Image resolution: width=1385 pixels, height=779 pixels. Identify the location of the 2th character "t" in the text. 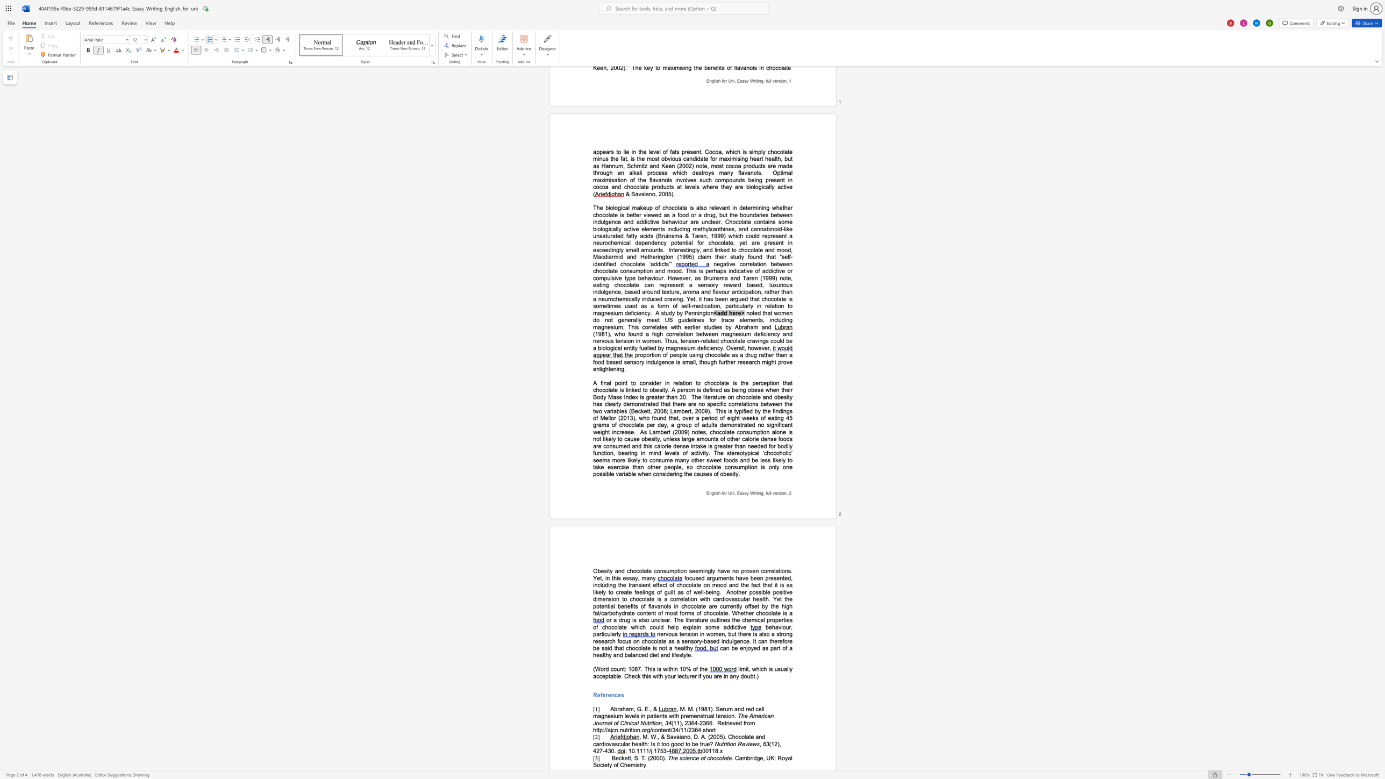
(630, 757).